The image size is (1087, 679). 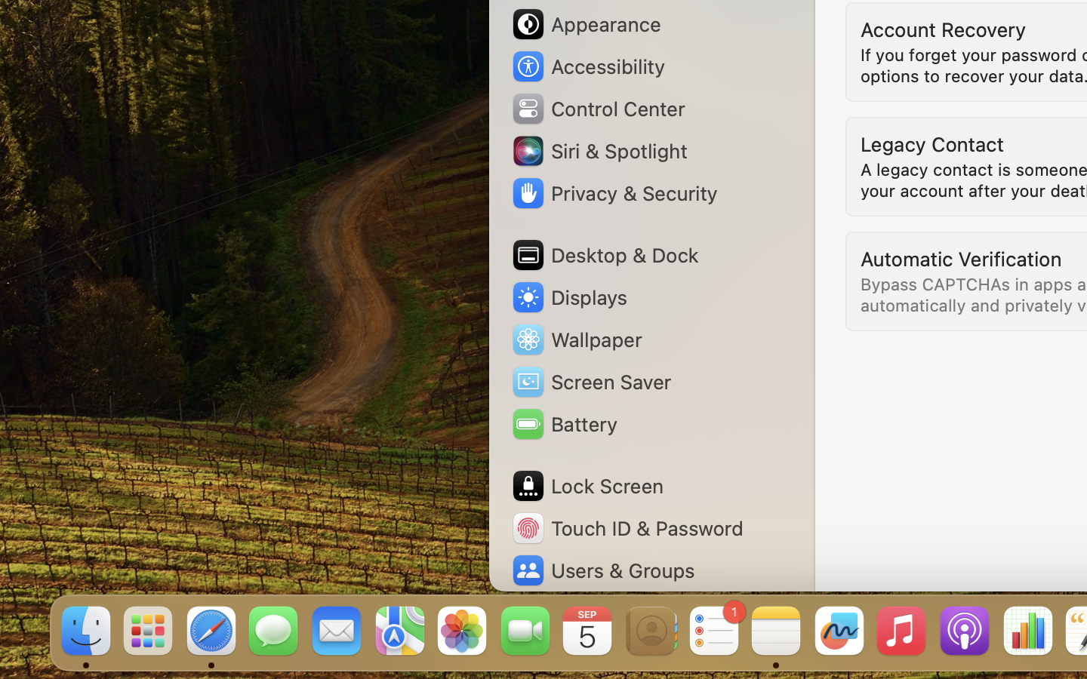 What do you see at coordinates (627, 527) in the screenshot?
I see `'Touch ID & Password'` at bounding box center [627, 527].